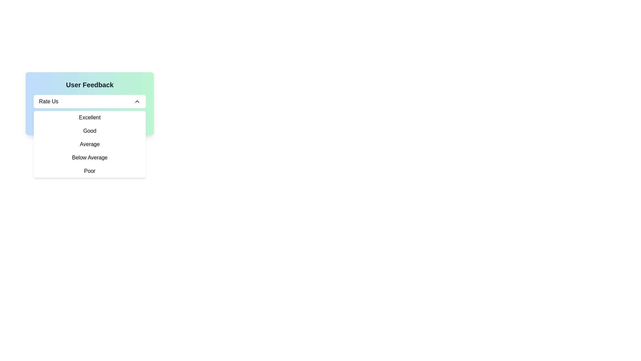 The image size is (641, 361). I want to click on the 'Good' option in the dropdown menu, which is the second option beneath the 'Rate Us' selection field, so click(89, 131).